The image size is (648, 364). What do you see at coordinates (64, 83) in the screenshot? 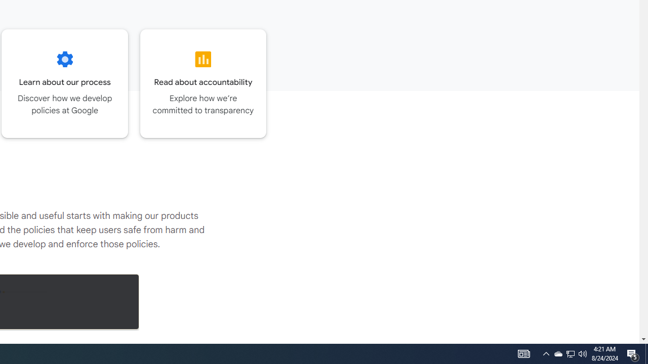
I see `'Go to the Our process page'` at bounding box center [64, 83].